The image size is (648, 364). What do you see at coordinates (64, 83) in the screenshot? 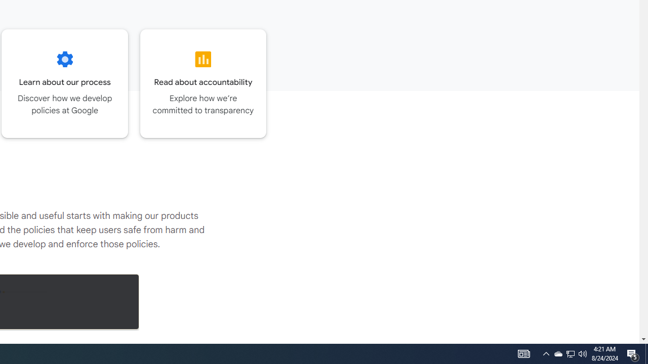
I see `'Go to the Our process page'` at bounding box center [64, 83].